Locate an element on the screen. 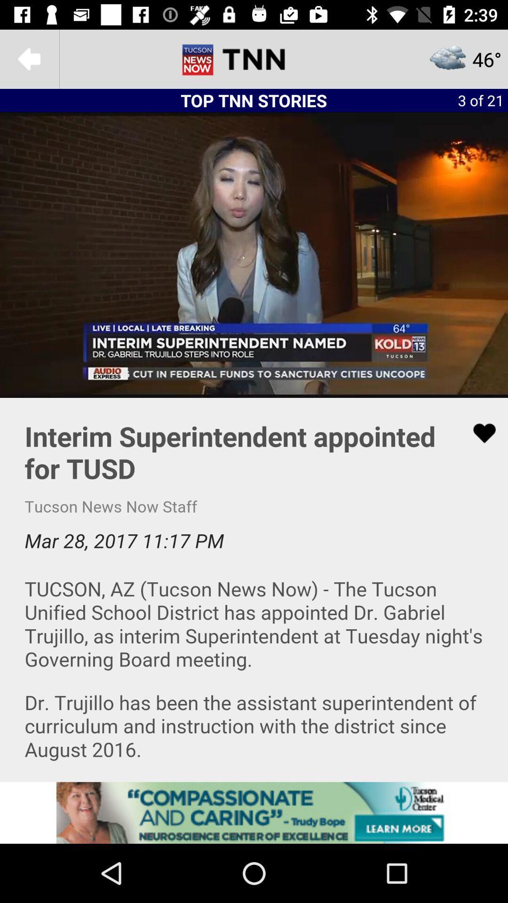  like button is located at coordinates (478, 433).